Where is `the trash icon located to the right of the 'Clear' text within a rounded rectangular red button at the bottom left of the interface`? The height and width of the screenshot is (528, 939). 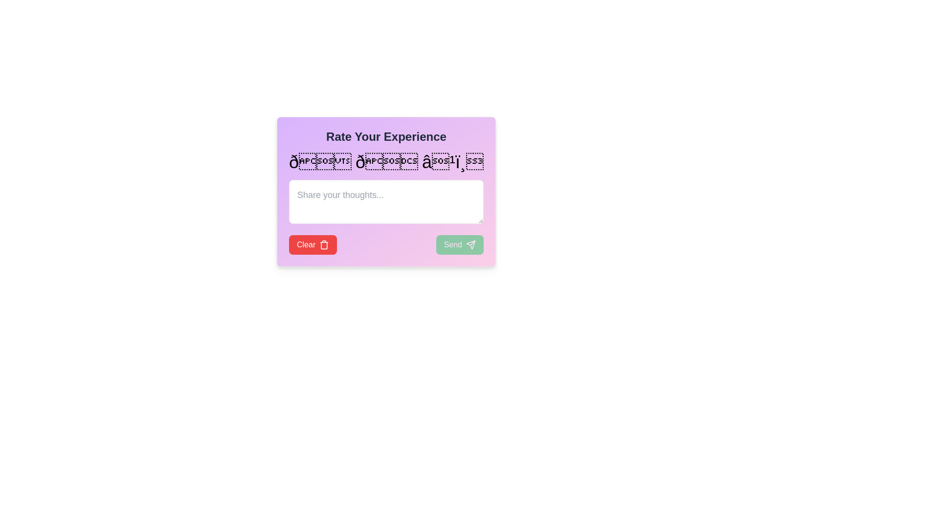 the trash icon located to the right of the 'Clear' text within a rounded rectangular red button at the bottom left of the interface is located at coordinates (324, 244).